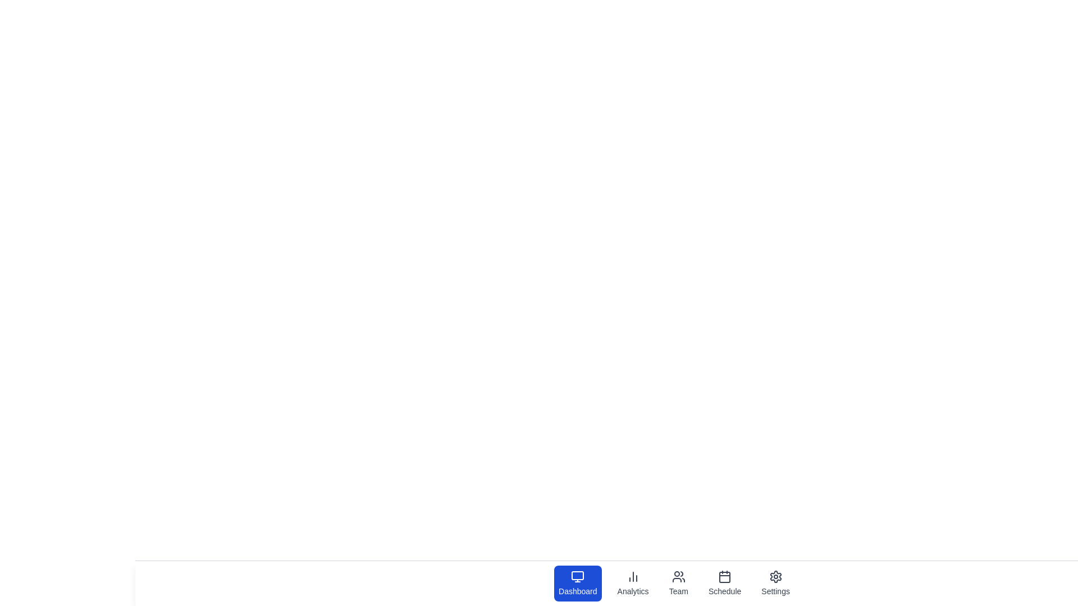  Describe the element at coordinates (578, 583) in the screenshot. I see `the tab labeled Dashboard by clicking on its icon or label` at that location.